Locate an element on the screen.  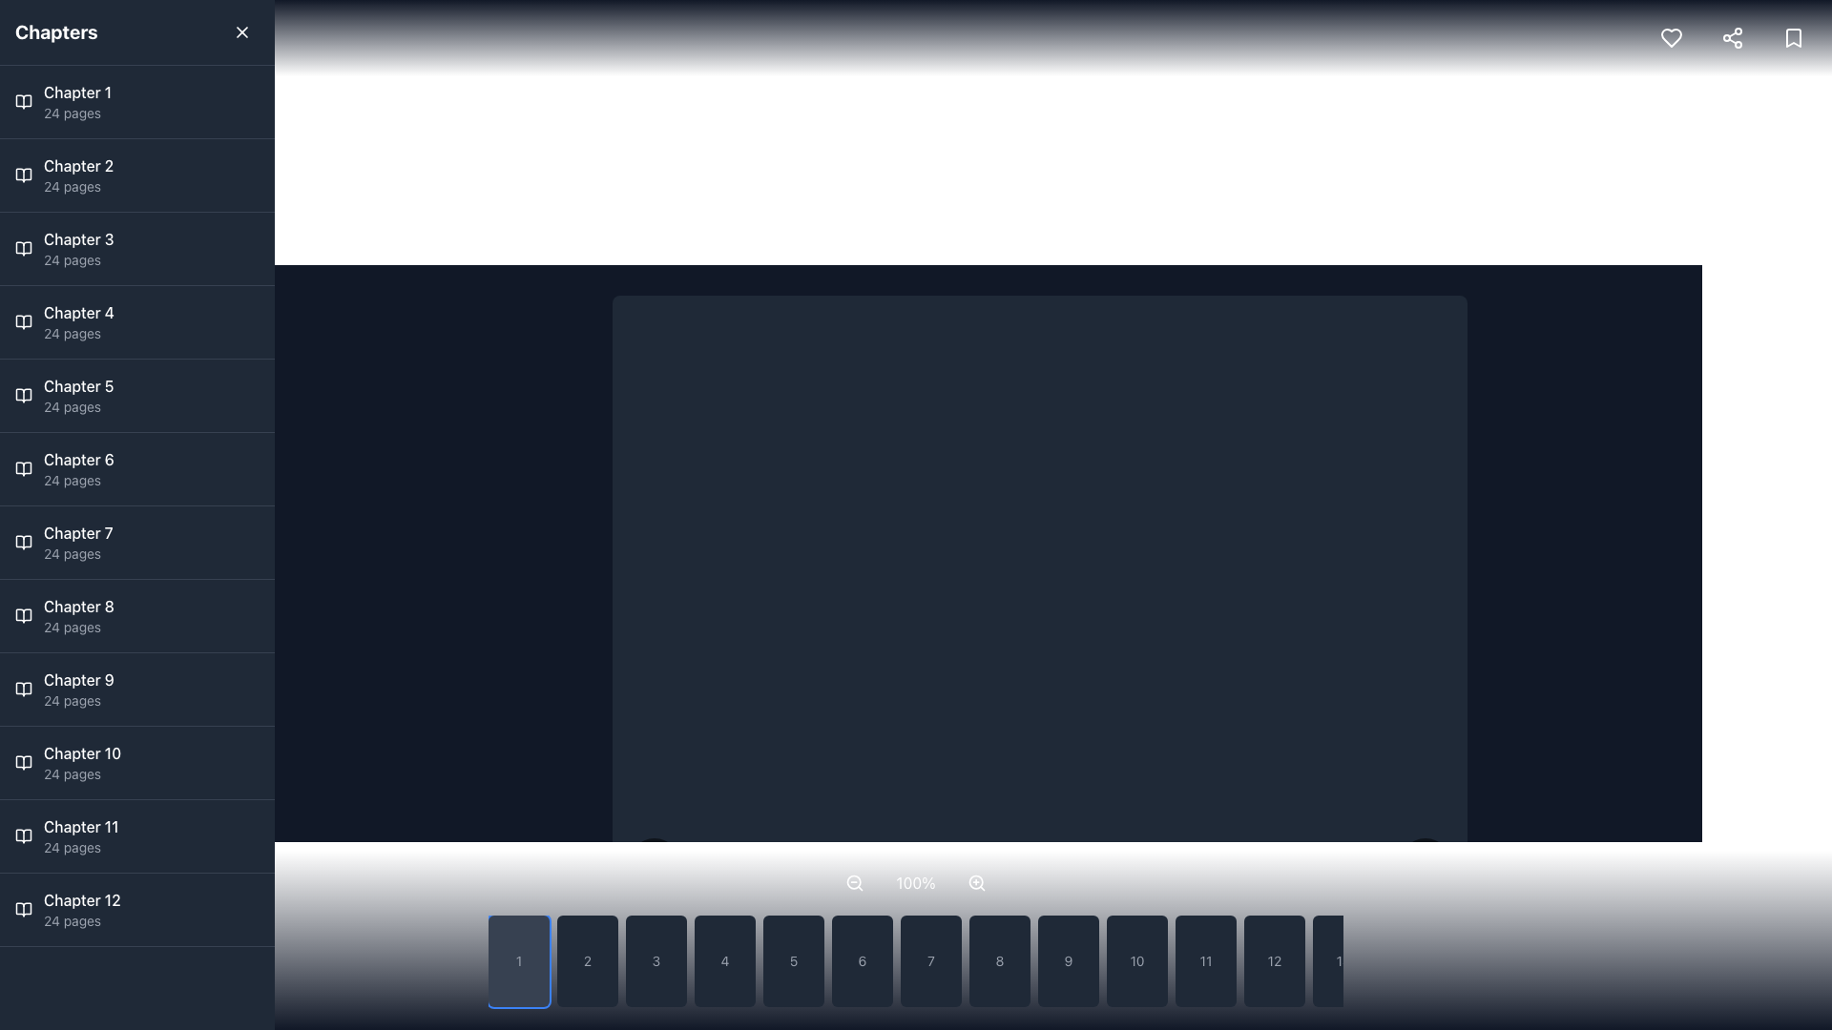
the bold, large-sized 'Chapters' text label located at the top left of the vertical panel listing chapters is located at coordinates (56, 32).